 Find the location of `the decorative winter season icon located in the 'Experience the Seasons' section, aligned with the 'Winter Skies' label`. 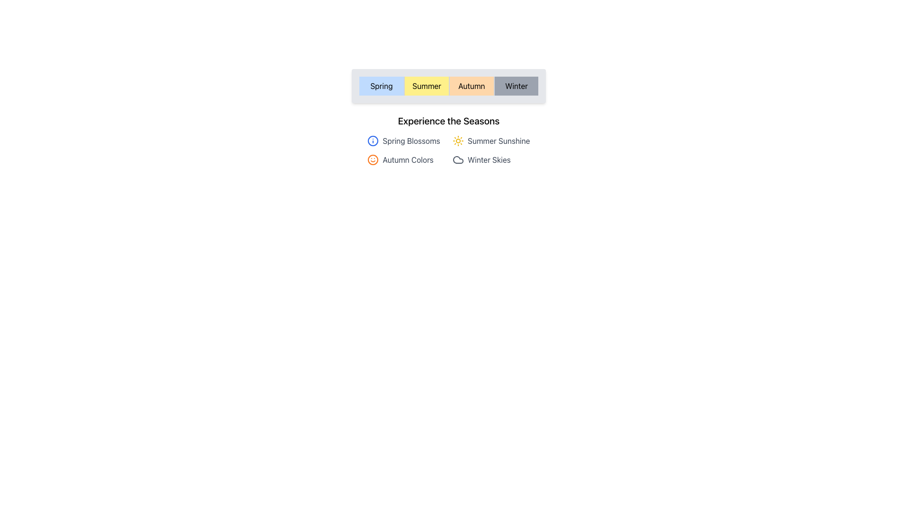

the decorative winter season icon located in the 'Experience the Seasons' section, aligned with the 'Winter Skies' label is located at coordinates (458, 159).